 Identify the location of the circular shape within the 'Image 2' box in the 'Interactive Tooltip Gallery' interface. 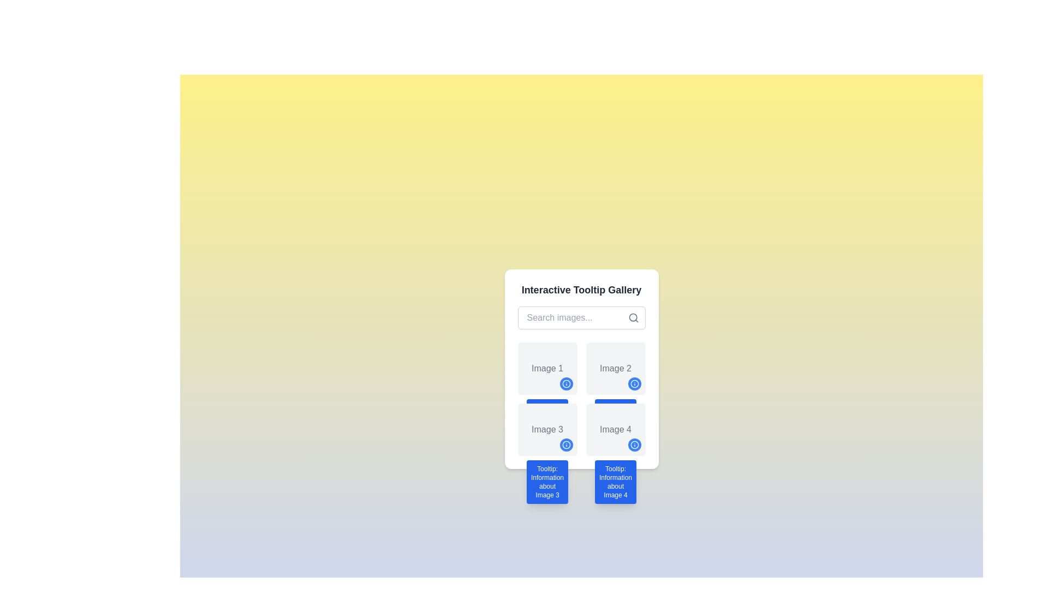
(634, 383).